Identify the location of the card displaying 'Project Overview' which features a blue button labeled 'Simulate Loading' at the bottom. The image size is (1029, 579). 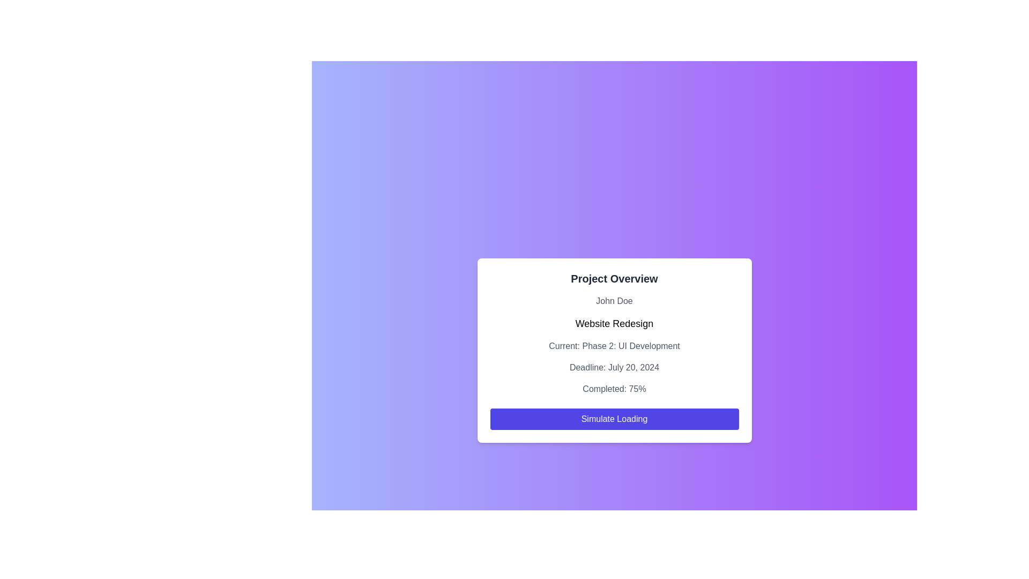
(614, 351).